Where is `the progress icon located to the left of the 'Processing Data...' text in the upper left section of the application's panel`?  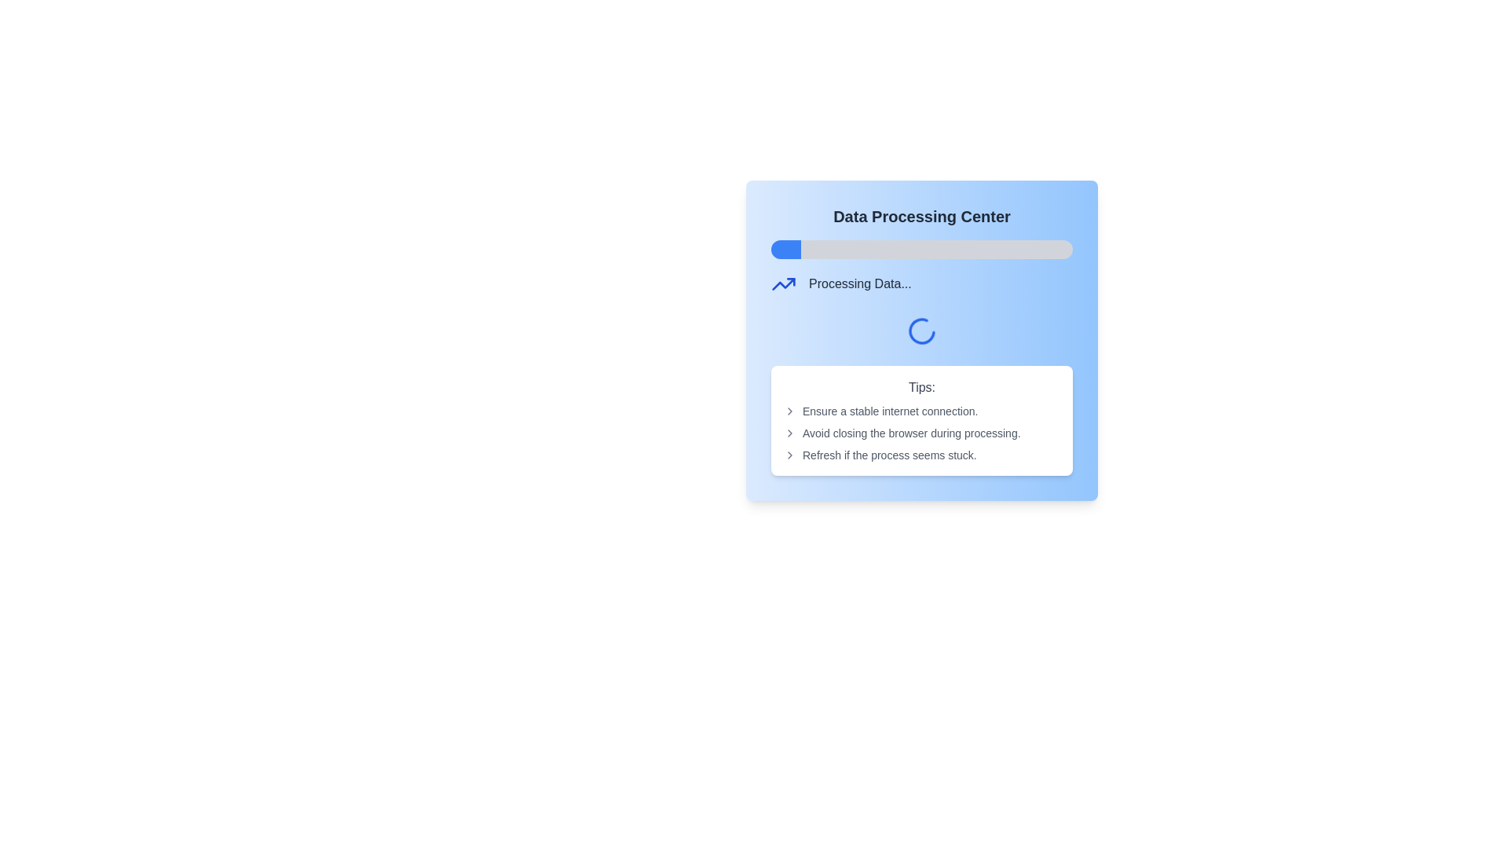 the progress icon located to the left of the 'Processing Data...' text in the upper left section of the application's panel is located at coordinates (784, 284).